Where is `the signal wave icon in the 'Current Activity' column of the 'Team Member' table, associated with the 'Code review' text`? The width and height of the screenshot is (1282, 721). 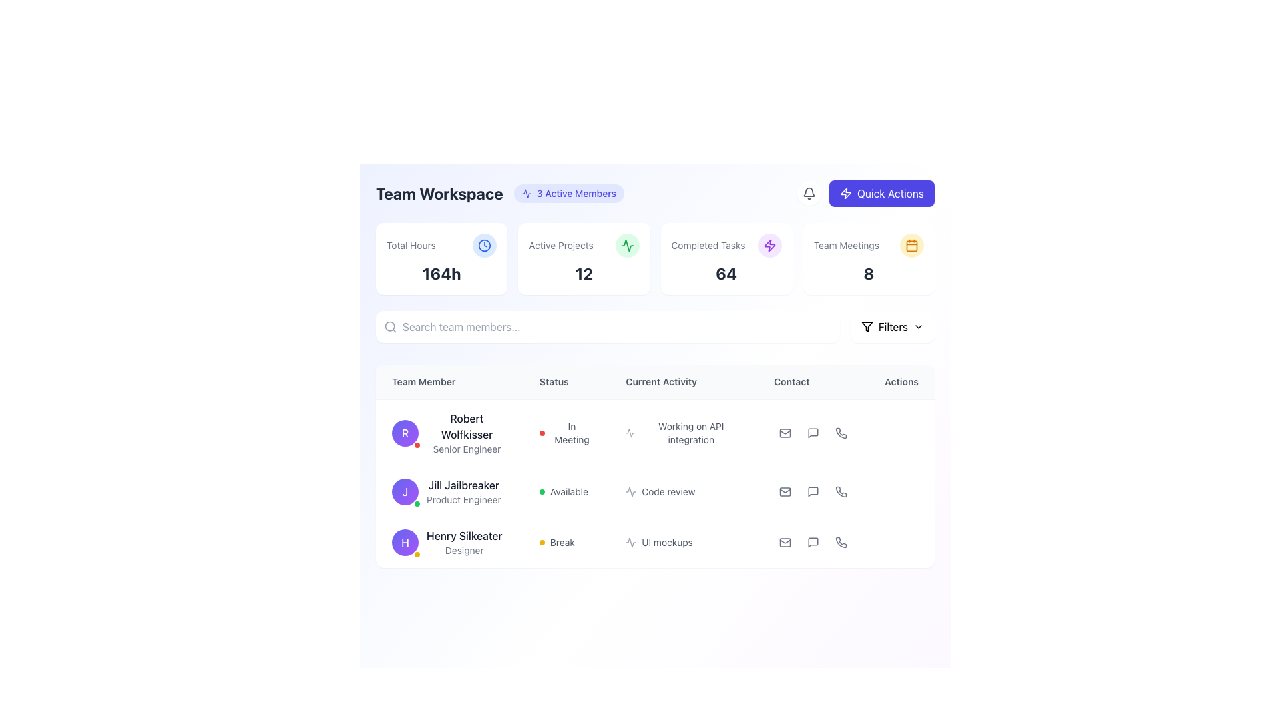
the signal wave icon in the 'Current Activity' column of the 'Team Member' table, associated with the 'Code review' text is located at coordinates (630, 491).